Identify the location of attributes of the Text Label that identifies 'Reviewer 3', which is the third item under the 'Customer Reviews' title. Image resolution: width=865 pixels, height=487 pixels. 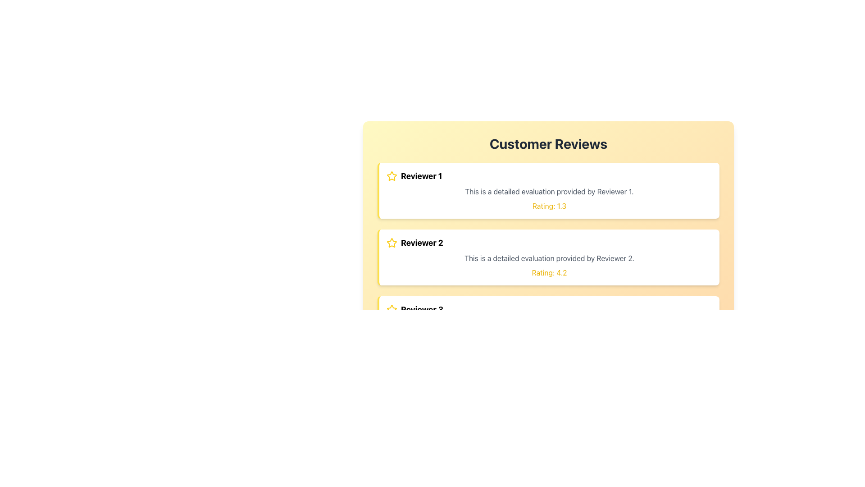
(422, 309).